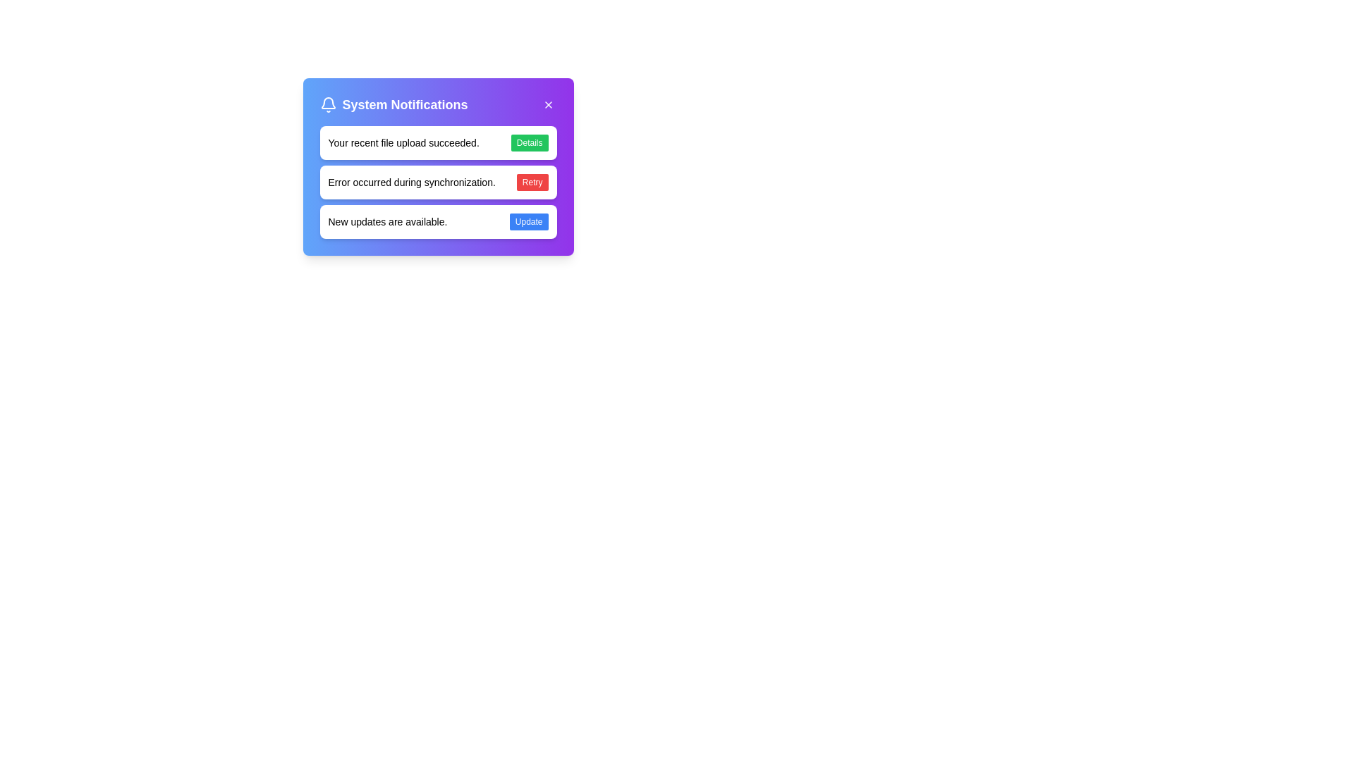 This screenshot has height=761, width=1354. Describe the element at coordinates (437, 104) in the screenshot. I see `header text 'System Notifications' displayed in the header section of the notification card, which is characterized by a gradient background and includes a bell icon on the left and a close button on the right` at that location.